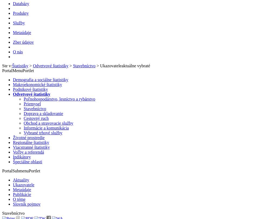 Image resolution: width=269 pixels, height=219 pixels. Describe the element at coordinates (37, 84) in the screenshot. I see `'Makroekonomické štatistiky'` at that location.